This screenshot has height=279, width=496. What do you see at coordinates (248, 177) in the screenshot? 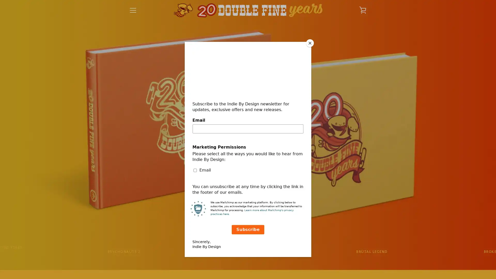
I see `Change shipping country` at bounding box center [248, 177].